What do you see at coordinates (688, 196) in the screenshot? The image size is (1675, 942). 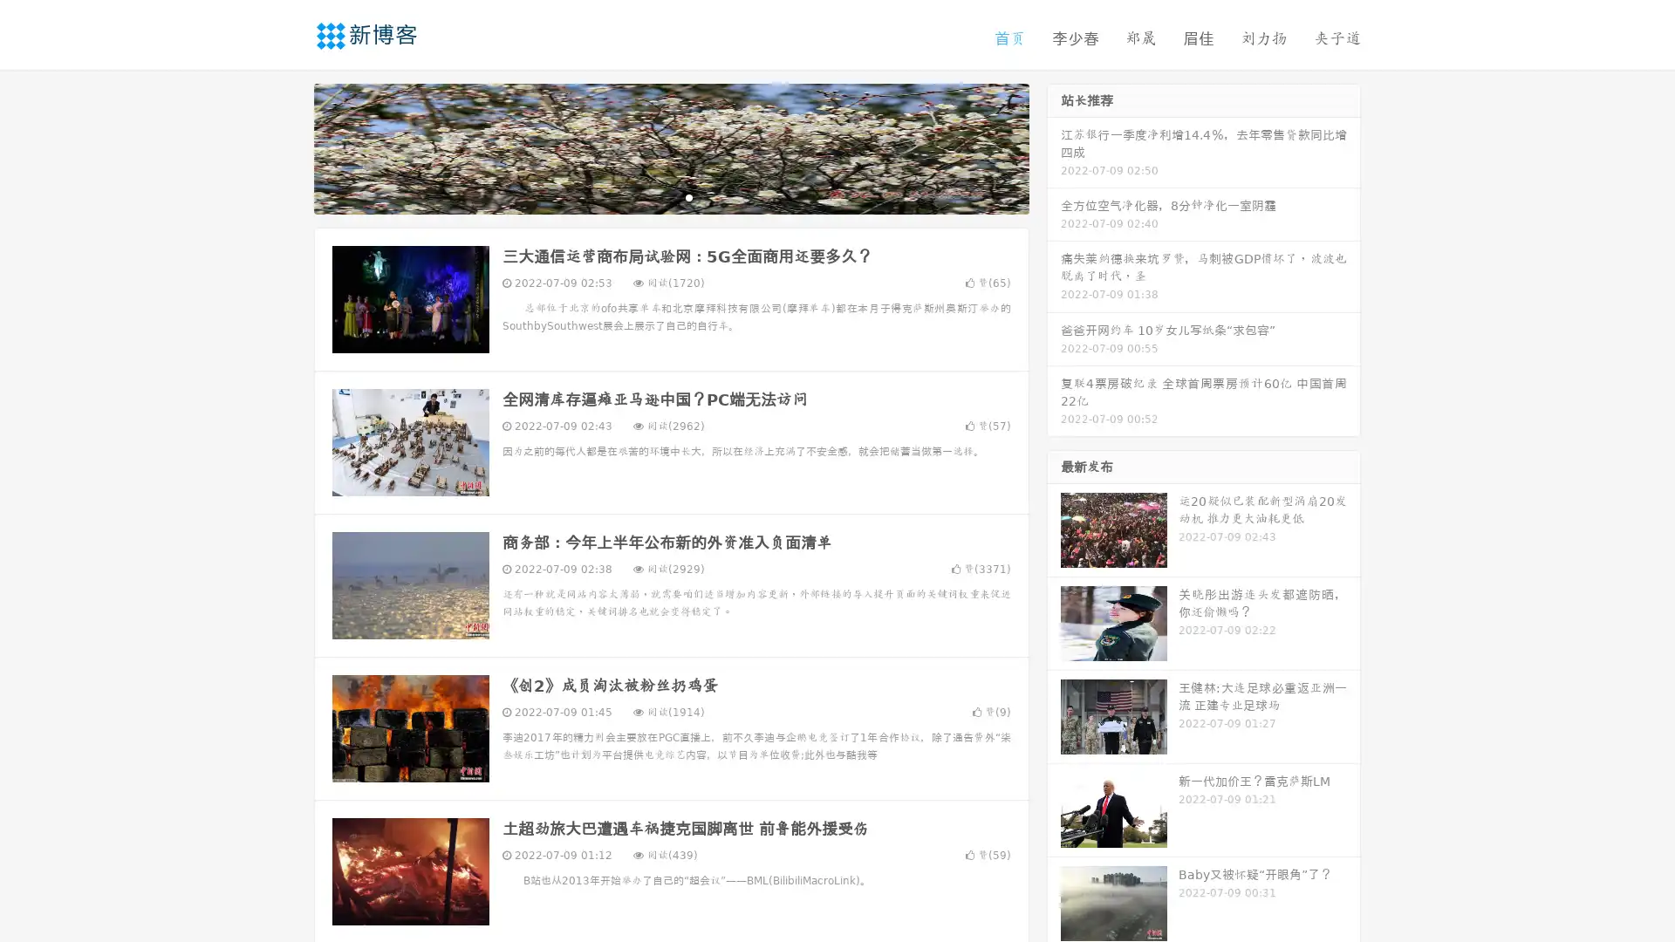 I see `Go to slide 3` at bounding box center [688, 196].